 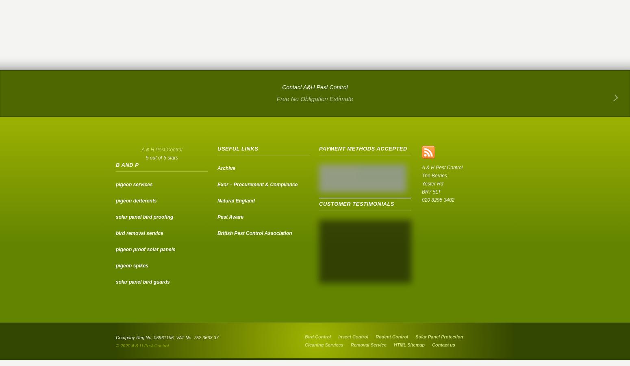 I want to click on 'Bird Control', so click(x=317, y=337).